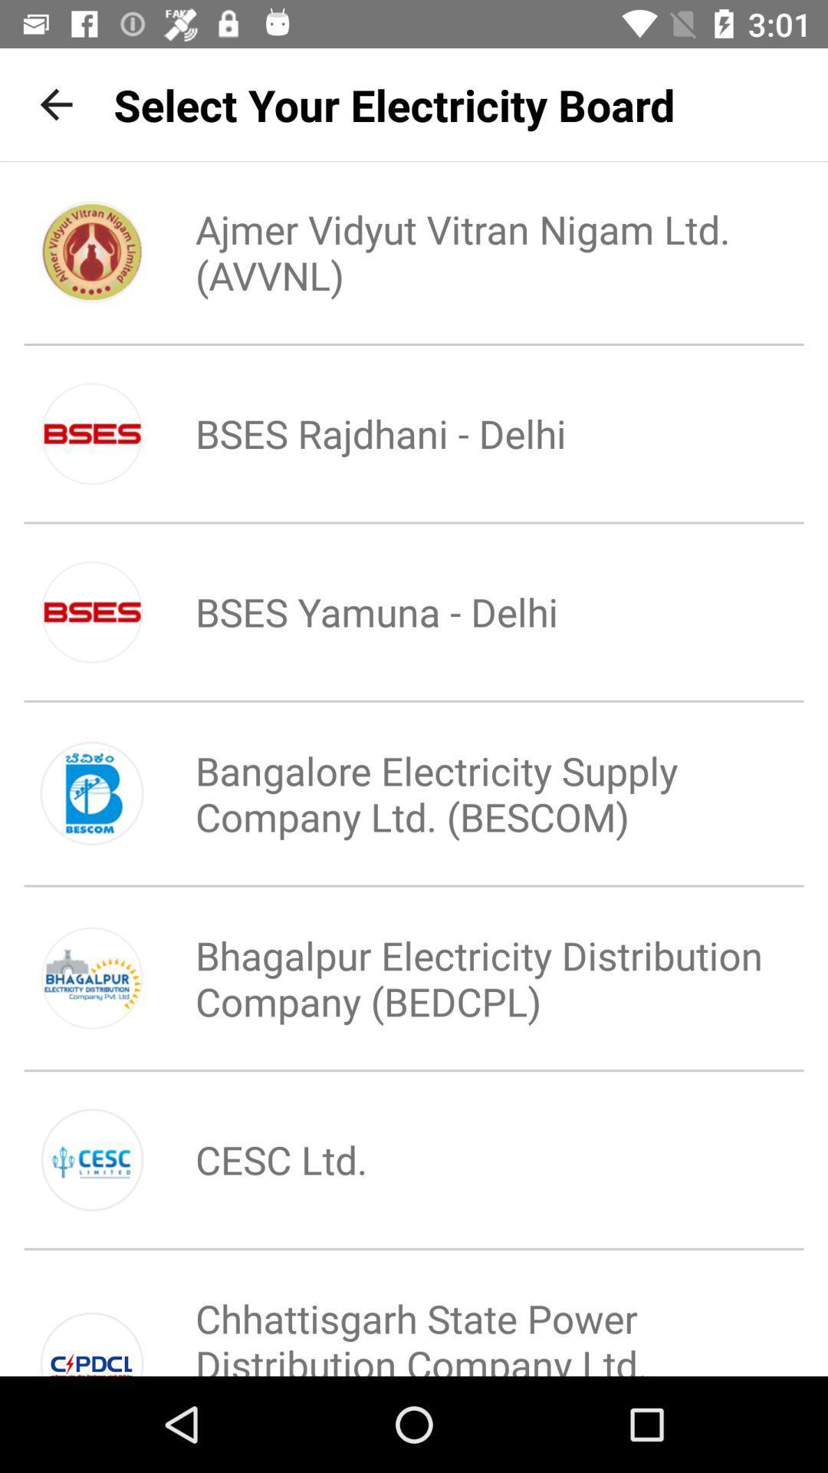  Describe the element at coordinates (393, 104) in the screenshot. I see `select your electricity icon` at that location.